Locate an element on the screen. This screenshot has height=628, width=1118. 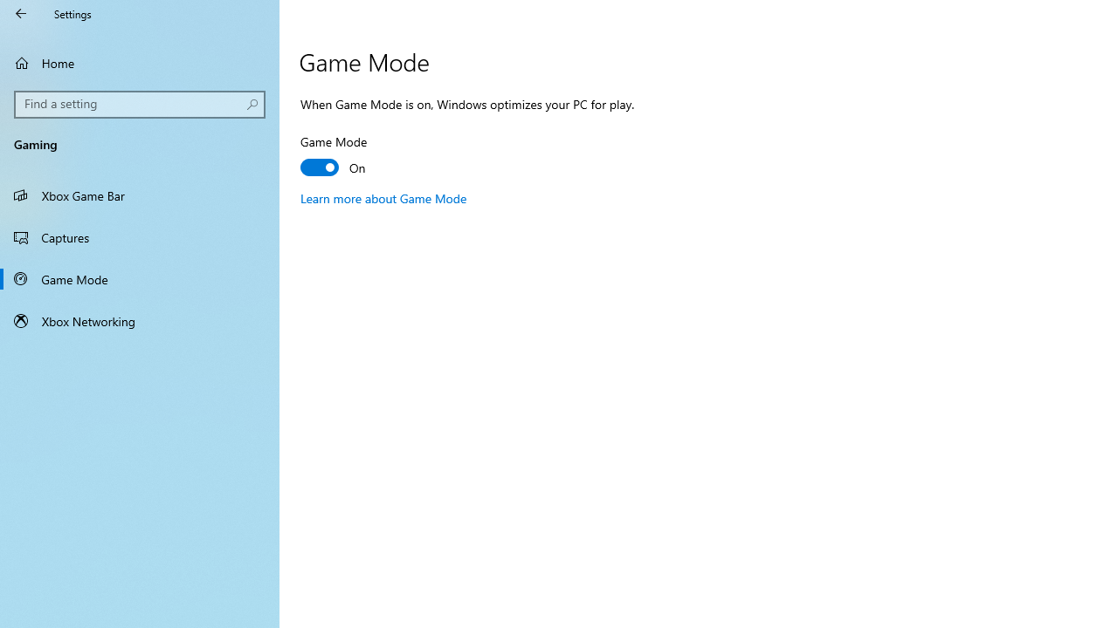
'Game Mode' is located at coordinates (140, 278).